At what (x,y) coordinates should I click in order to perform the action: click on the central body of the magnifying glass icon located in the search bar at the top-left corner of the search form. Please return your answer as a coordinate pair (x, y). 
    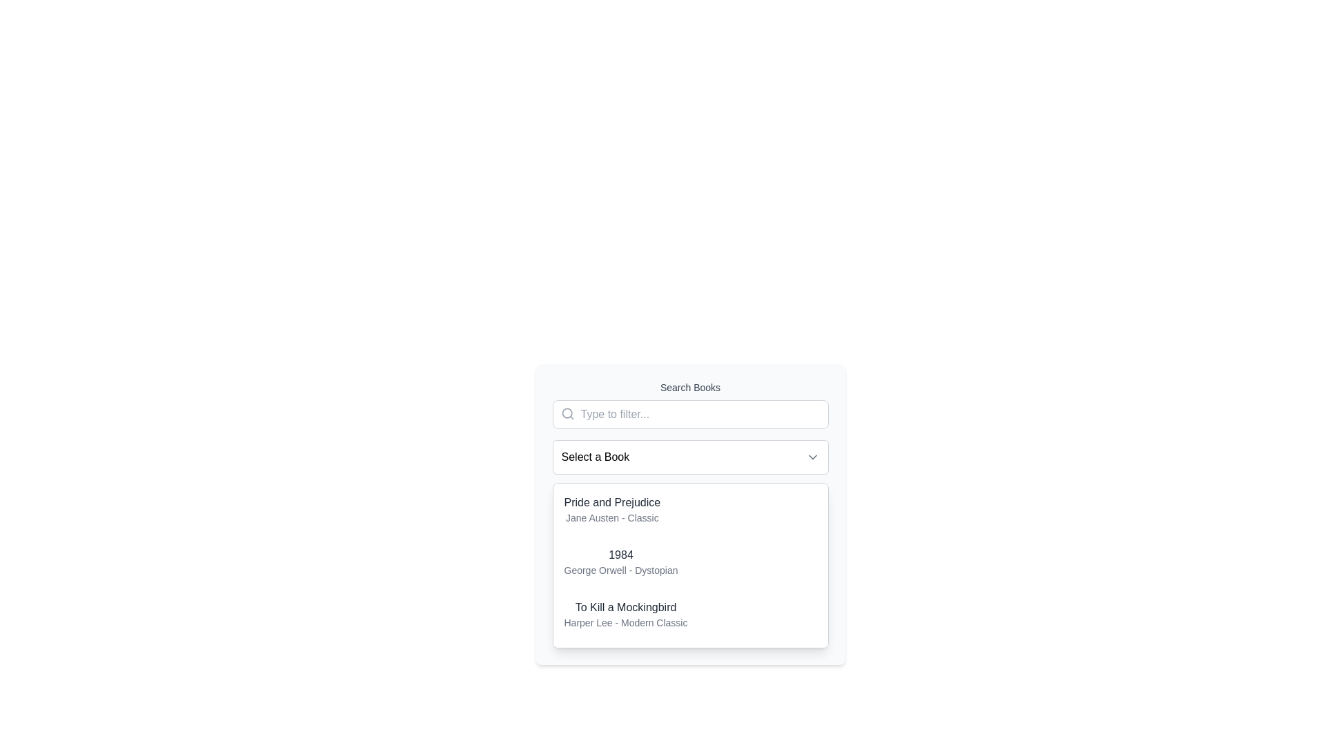
    Looking at the image, I should click on (567, 413).